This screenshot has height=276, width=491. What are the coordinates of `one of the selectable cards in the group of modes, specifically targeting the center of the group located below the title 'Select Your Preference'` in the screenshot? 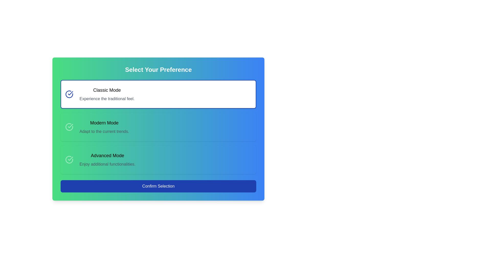 It's located at (158, 127).